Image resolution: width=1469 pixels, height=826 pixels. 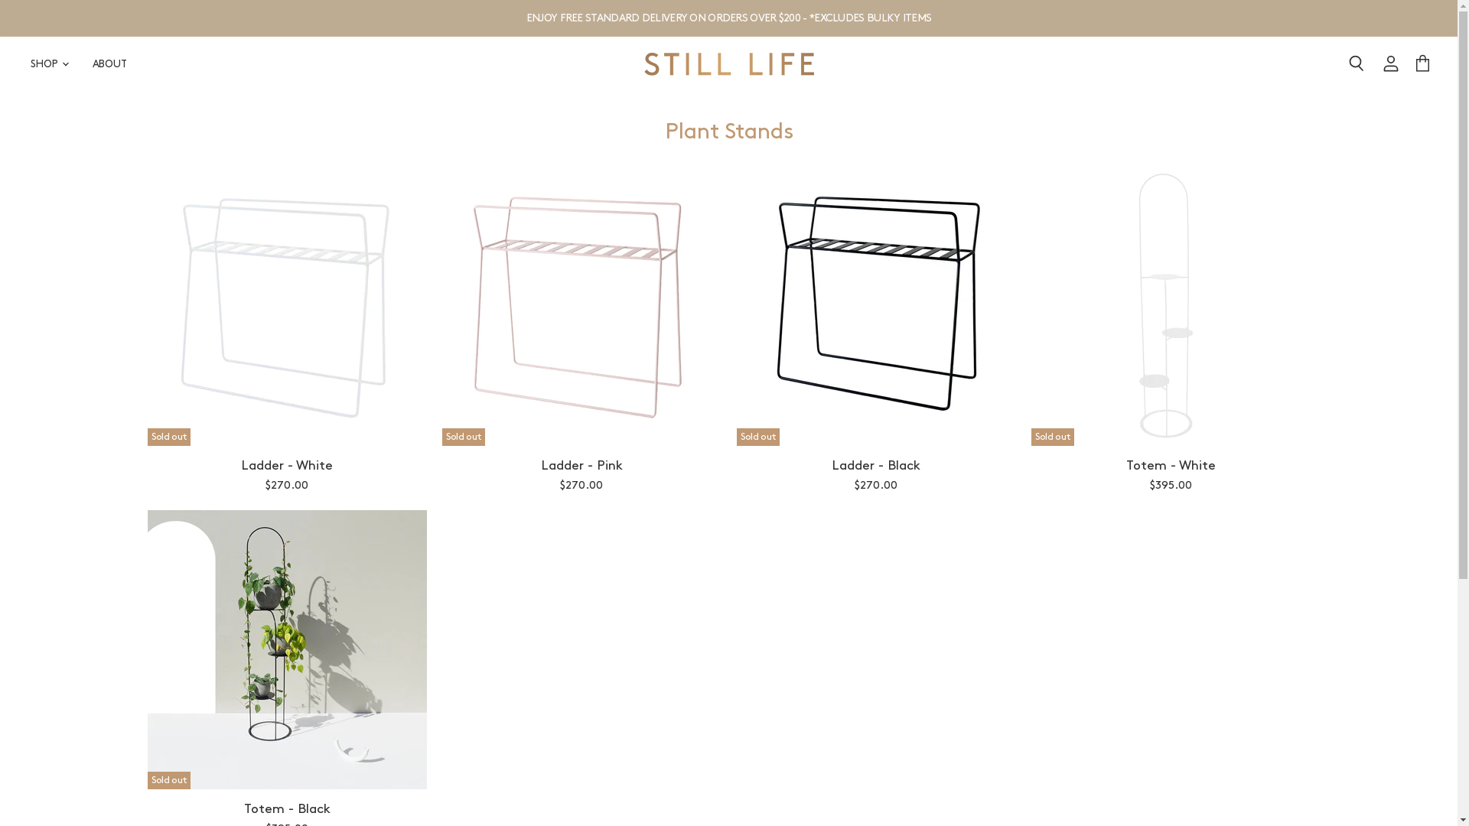 What do you see at coordinates (286, 808) in the screenshot?
I see `'Totem - Black'` at bounding box center [286, 808].